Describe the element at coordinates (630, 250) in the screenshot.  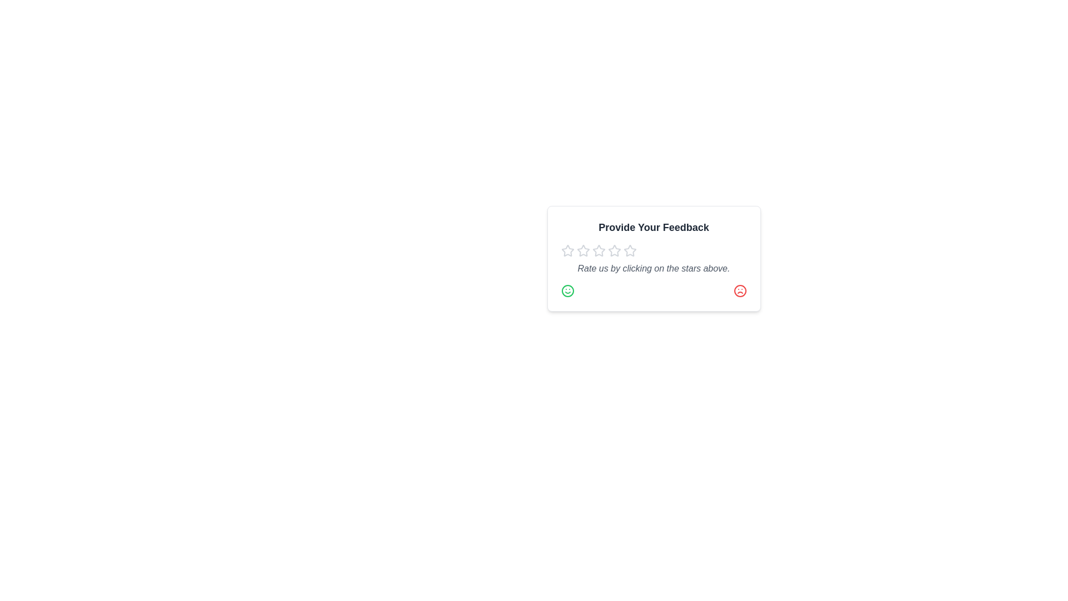
I see `the third star icon in the rating component` at that location.